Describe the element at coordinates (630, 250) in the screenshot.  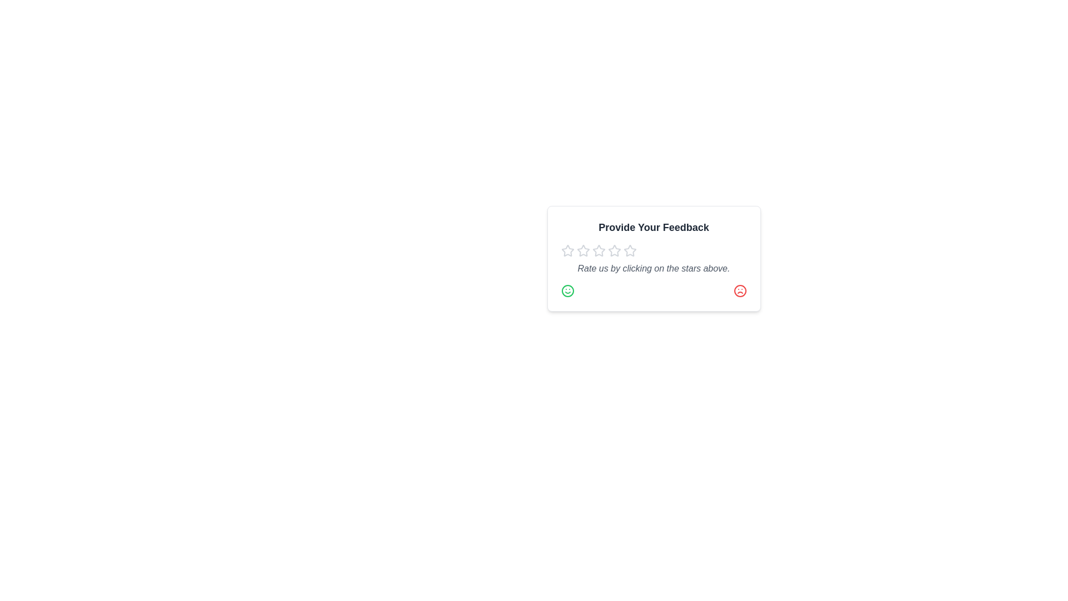
I see `the third star icon in the rating component` at that location.